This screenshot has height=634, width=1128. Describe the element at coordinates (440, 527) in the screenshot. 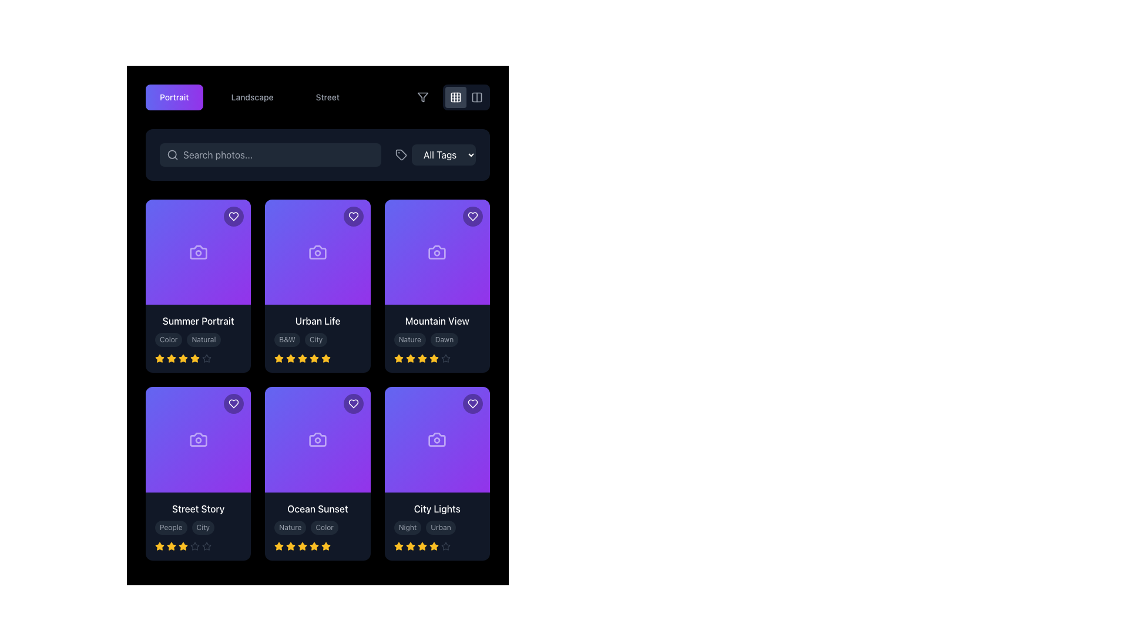

I see `the 'Urban' label or tag associated with the 'City Lights' item, located in the third card of the second row, to the right of the 'Night' tag` at that location.